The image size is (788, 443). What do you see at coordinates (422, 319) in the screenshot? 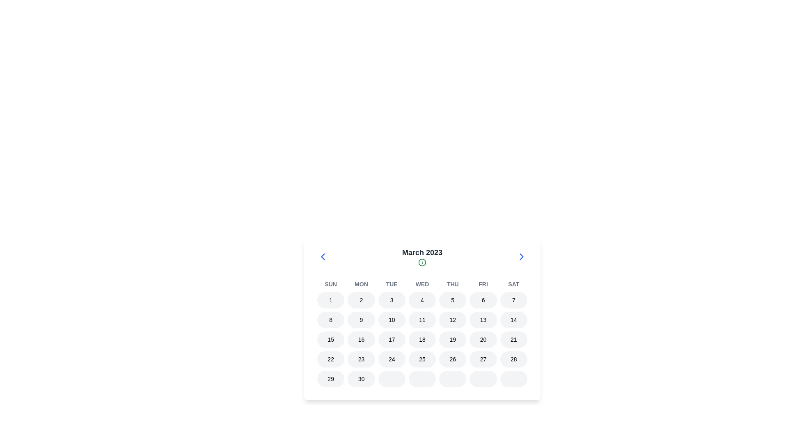
I see `the eleventh day cell in the calendar view` at bounding box center [422, 319].